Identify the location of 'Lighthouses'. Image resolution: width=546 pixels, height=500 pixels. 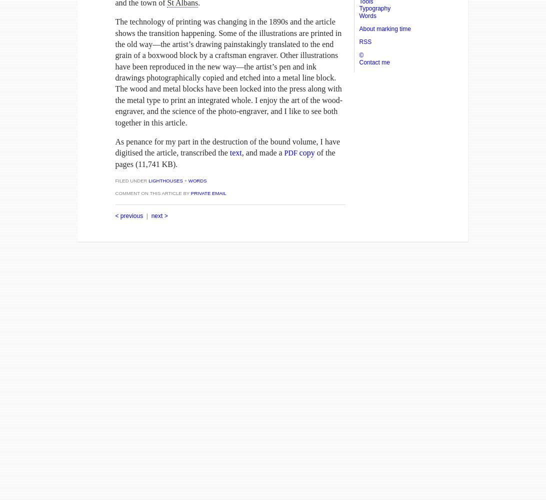
(146, 180).